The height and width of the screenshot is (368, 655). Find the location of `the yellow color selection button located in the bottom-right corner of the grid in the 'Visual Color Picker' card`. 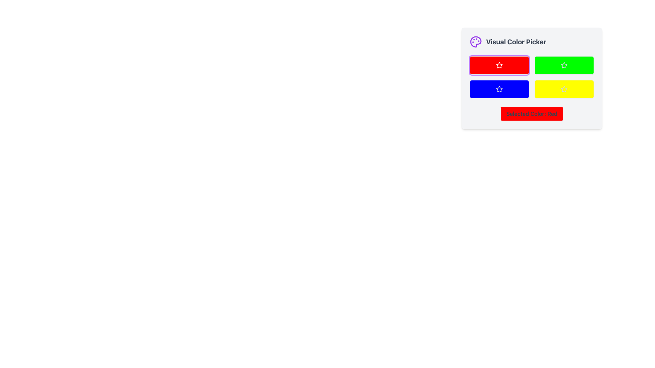

the yellow color selection button located in the bottom-right corner of the grid in the 'Visual Color Picker' card is located at coordinates (564, 89).